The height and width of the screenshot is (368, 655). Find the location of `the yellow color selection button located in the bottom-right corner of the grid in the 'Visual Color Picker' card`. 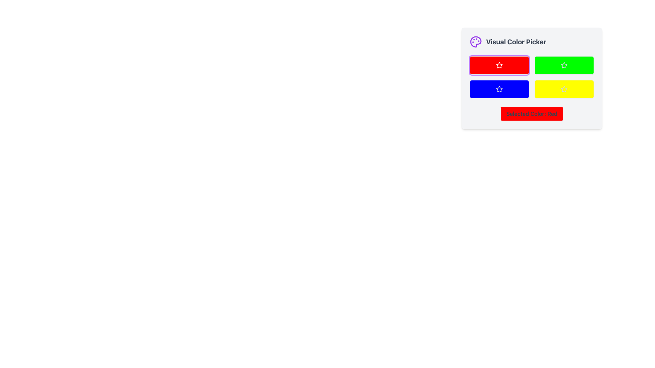

the yellow color selection button located in the bottom-right corner of the grid in the 'Visual Color Picker' card is located at coordinates (564, 89).